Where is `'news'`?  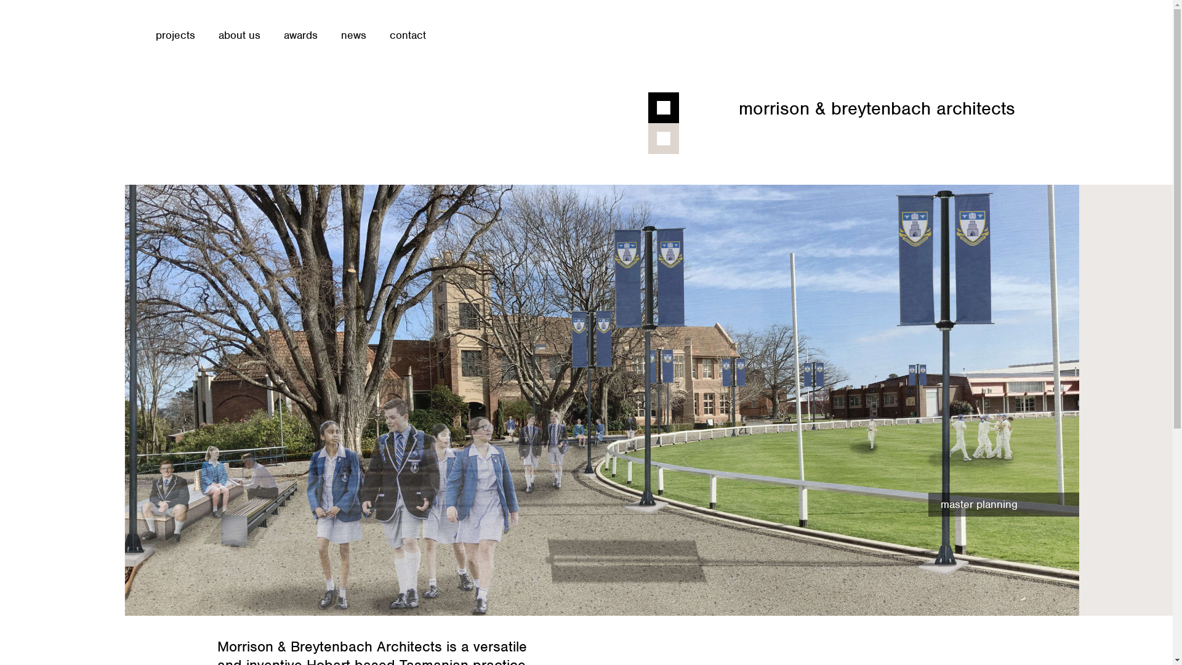 'news' is located at coordinates (353, 34).